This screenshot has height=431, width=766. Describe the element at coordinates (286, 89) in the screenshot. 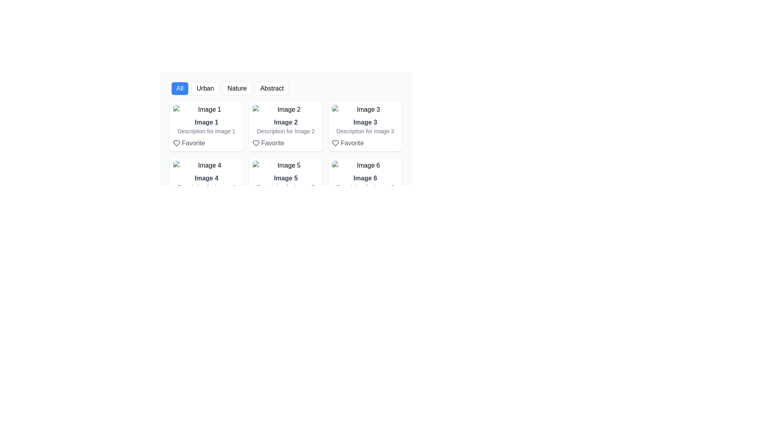

I see `the button labeled 'Abstract' which has a white background and a blue border, located in the horizontal selection bar at the top of the content area` at that location.